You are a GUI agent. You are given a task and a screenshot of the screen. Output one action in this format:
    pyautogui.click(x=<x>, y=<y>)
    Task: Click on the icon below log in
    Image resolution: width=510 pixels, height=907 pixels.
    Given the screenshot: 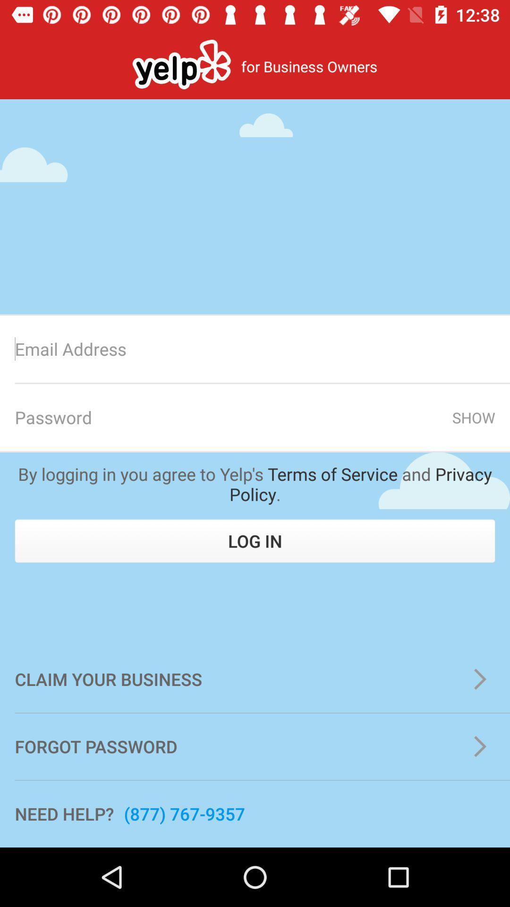 What is the action you would take?
    pyautogui.click(x=255, y=679)
    